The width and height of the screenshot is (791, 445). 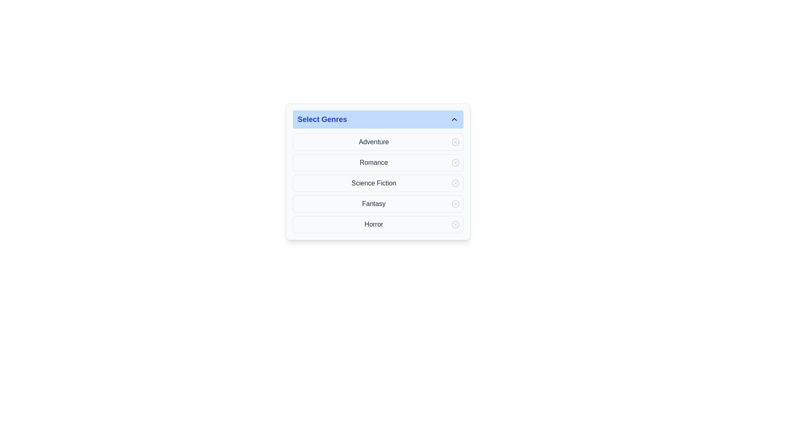 What do you see at coordinates (454, 119) in the screenshot?
I see `the small upward-pointing triangular arrow icon located towards the right end of the blue header bar labeled 'Select Genres'` at bounding box center [454, 119].